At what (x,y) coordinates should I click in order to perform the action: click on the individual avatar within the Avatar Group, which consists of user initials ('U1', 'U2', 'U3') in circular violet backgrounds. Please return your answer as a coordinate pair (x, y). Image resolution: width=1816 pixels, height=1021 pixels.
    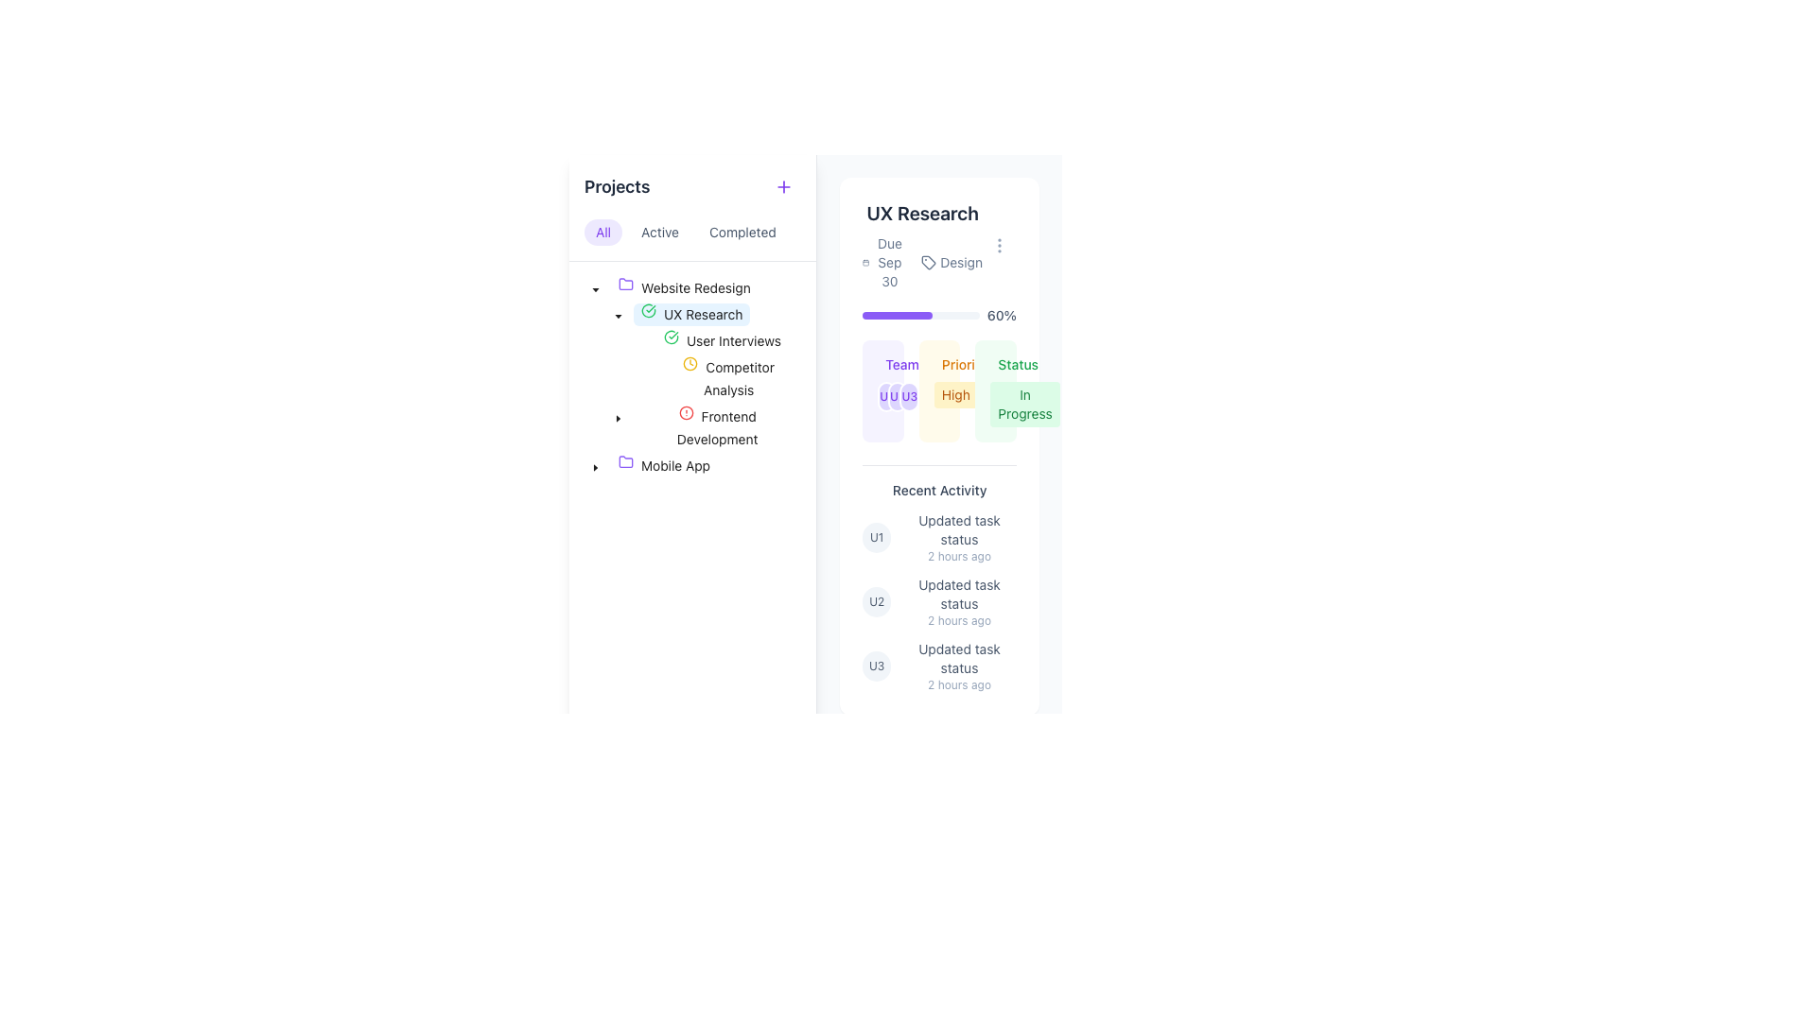
    Looking at the image, I should click on (882, 389).